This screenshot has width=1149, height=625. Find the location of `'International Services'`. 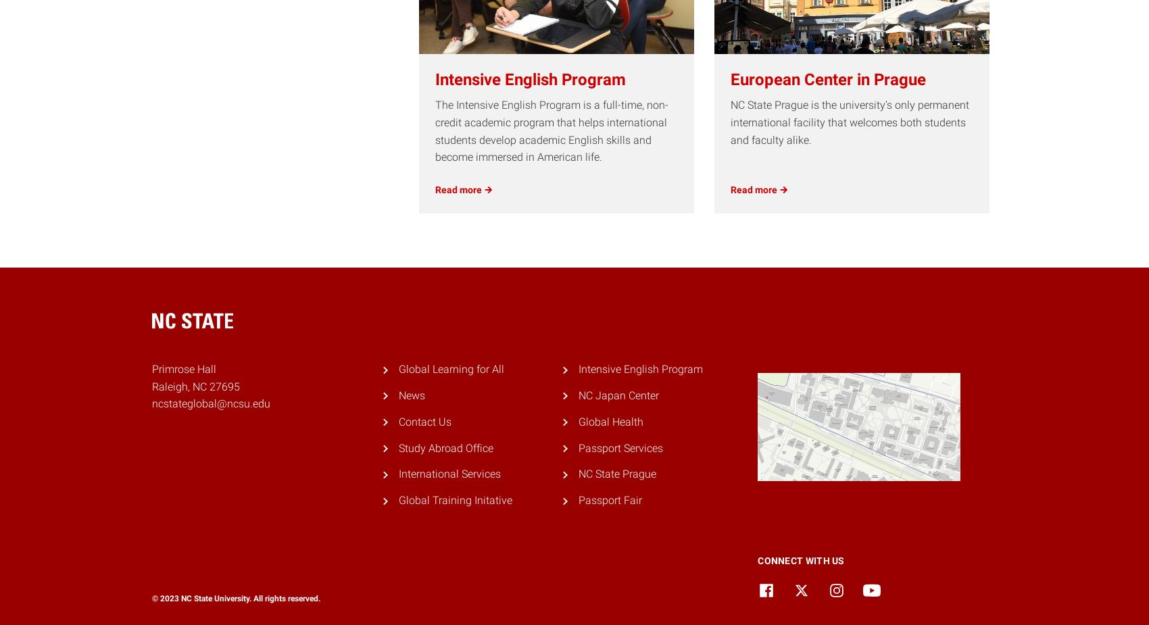

'International Services' is located at coordinates (449, 474).